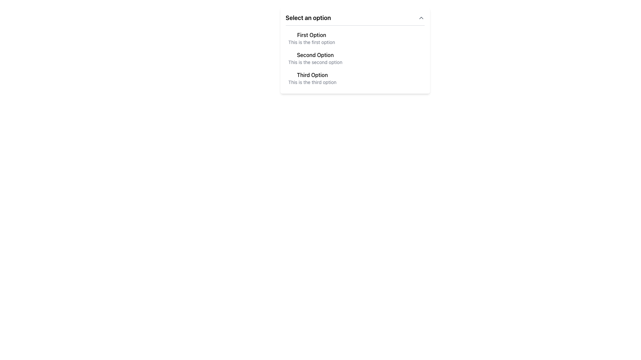 This screenshot has height=360, width=641. Describe the element at coordinates (355, 78) in the screenshot. I see `the list item displaying 'Third Option' in a dropdown menu` at that location.